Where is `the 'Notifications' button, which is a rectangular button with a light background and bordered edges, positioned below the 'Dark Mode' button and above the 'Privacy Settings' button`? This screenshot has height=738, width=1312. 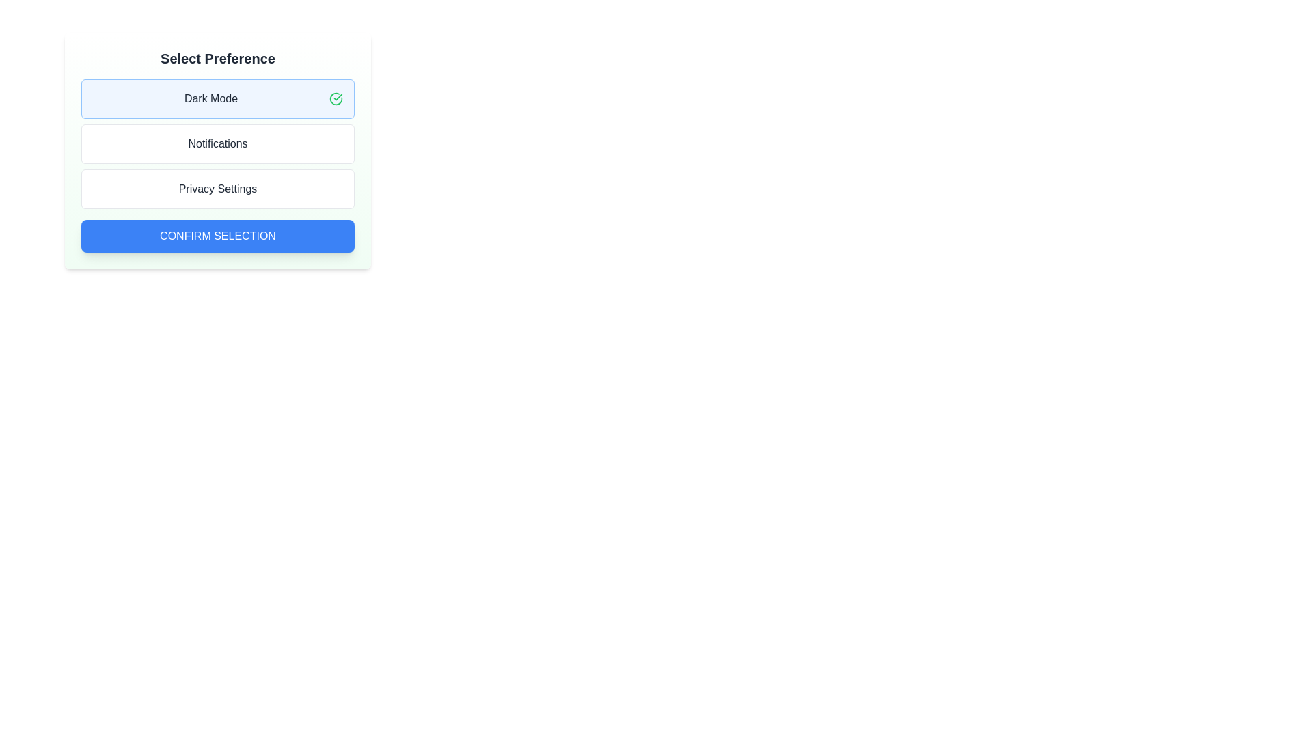 the 'Notifications' button, which is a rectangular button with a light background and bordered edges, positioned below the 'Dark Mode' button and above the 'Privacy Settings' button is located at coordinates (217, 144).